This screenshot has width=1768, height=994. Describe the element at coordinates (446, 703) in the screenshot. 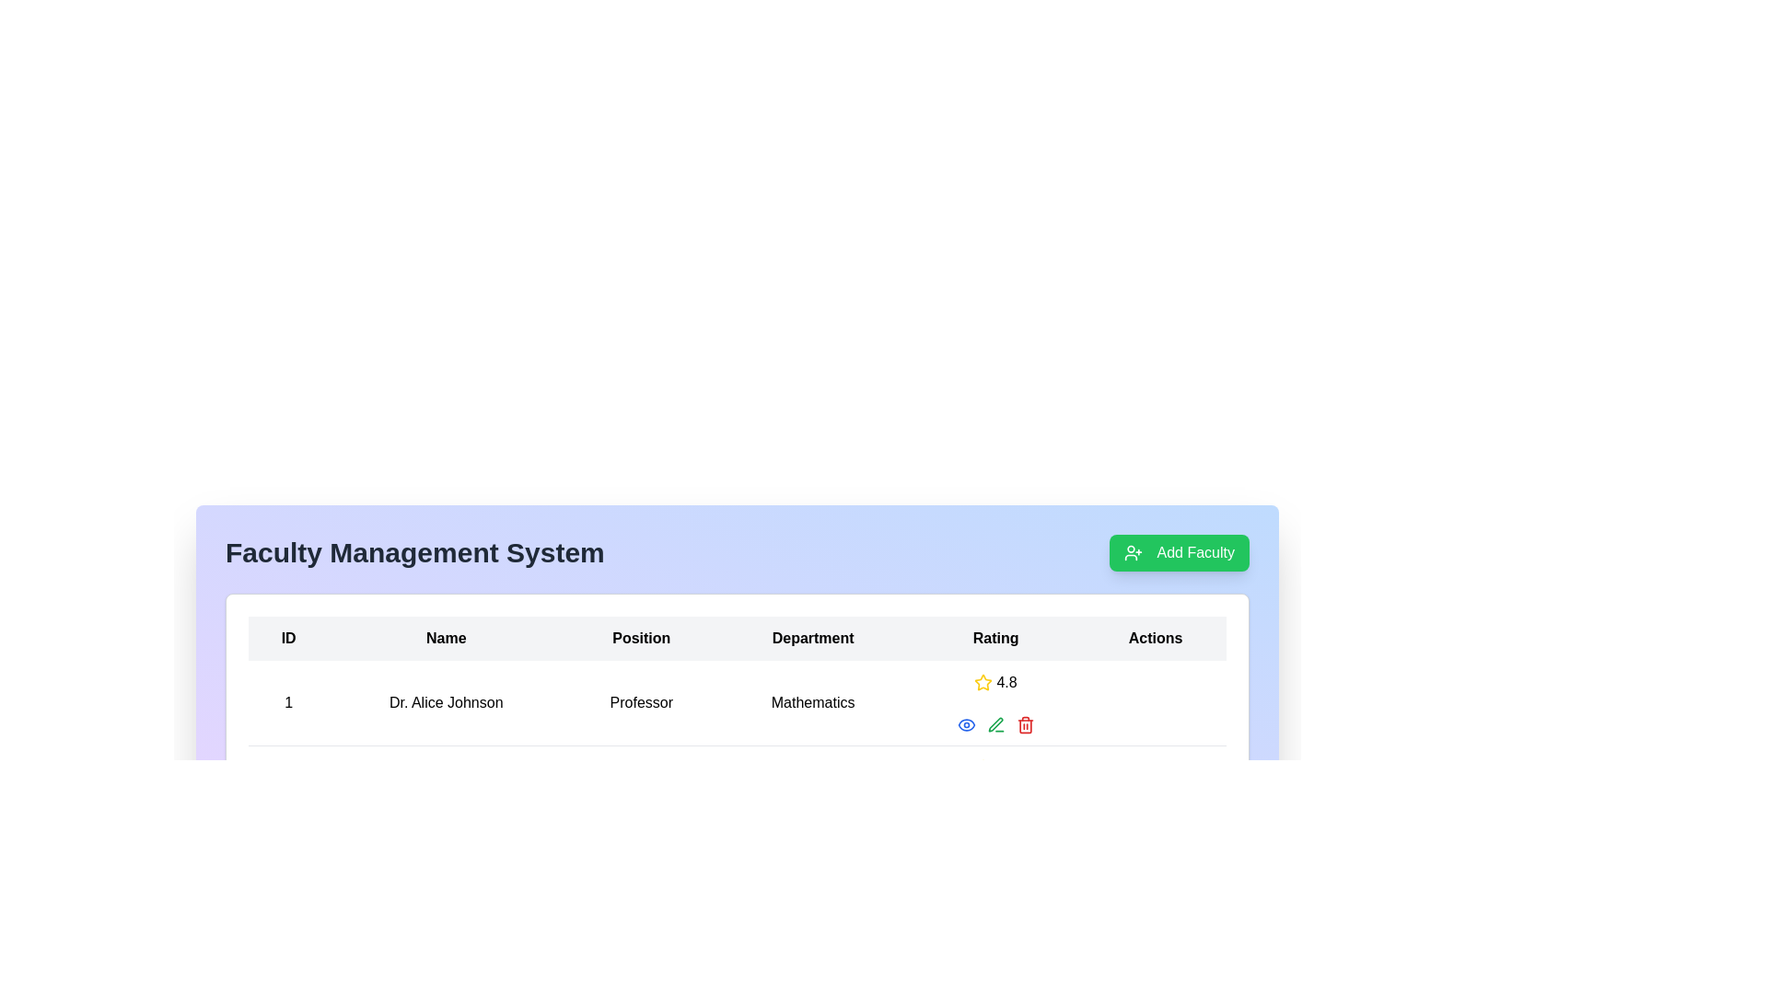

I see `the text displaying 'Dr. Alice Johnson' in bold font, located in the 'Name' column of the table, positioned between 'ID: 1' and 'Position: Professor'` at that location.